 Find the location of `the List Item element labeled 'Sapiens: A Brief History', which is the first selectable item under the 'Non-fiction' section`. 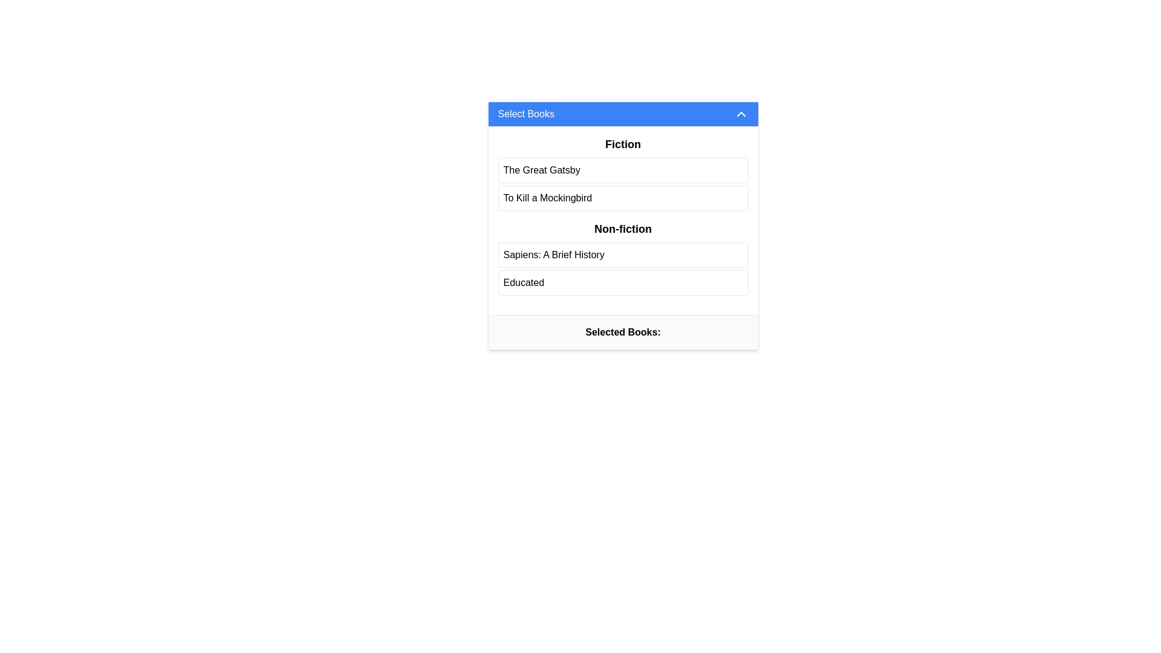

the List Item element labeled 'Sapiens: A Brief History', which is the first selectable item under the 'Non-fiction' section is located at coordinates (623, 254).